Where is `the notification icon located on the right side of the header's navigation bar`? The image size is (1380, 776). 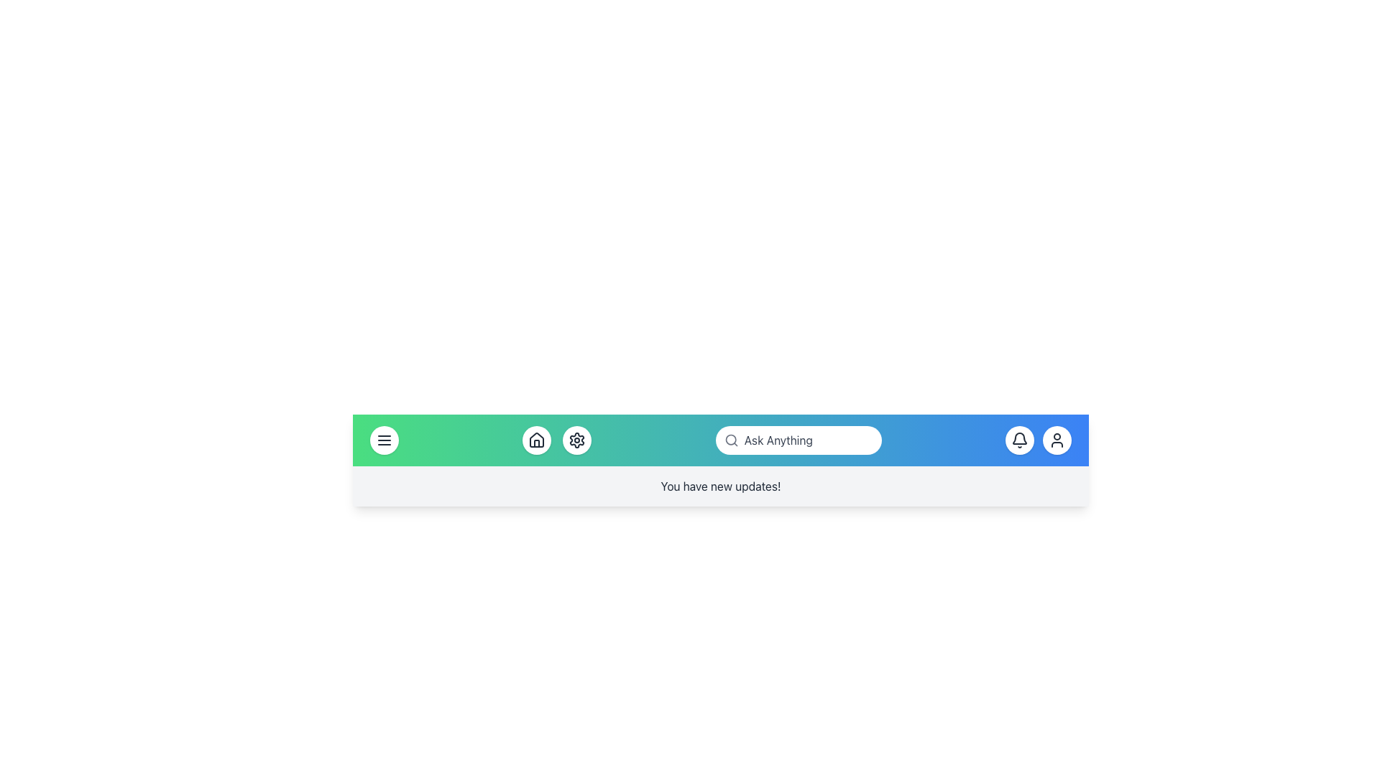 the notification icon located on the right side of the header's navigation bar is located at coordinates (1019, 440).